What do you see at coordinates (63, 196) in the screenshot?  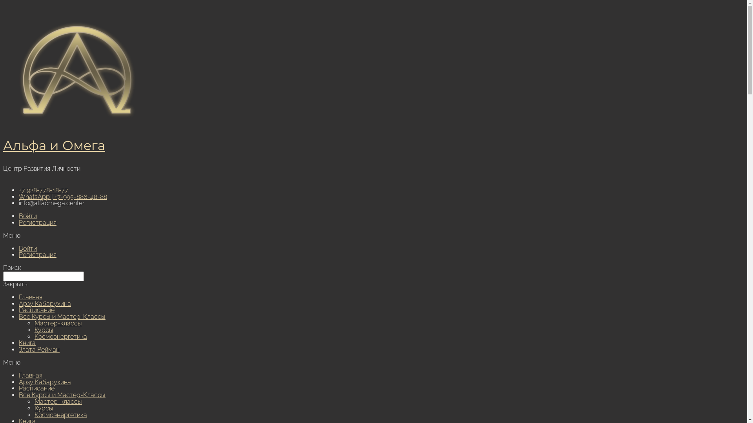 I see `'WhatsApp | +7-995-886-48-88'` at bounding box center [63, 196].